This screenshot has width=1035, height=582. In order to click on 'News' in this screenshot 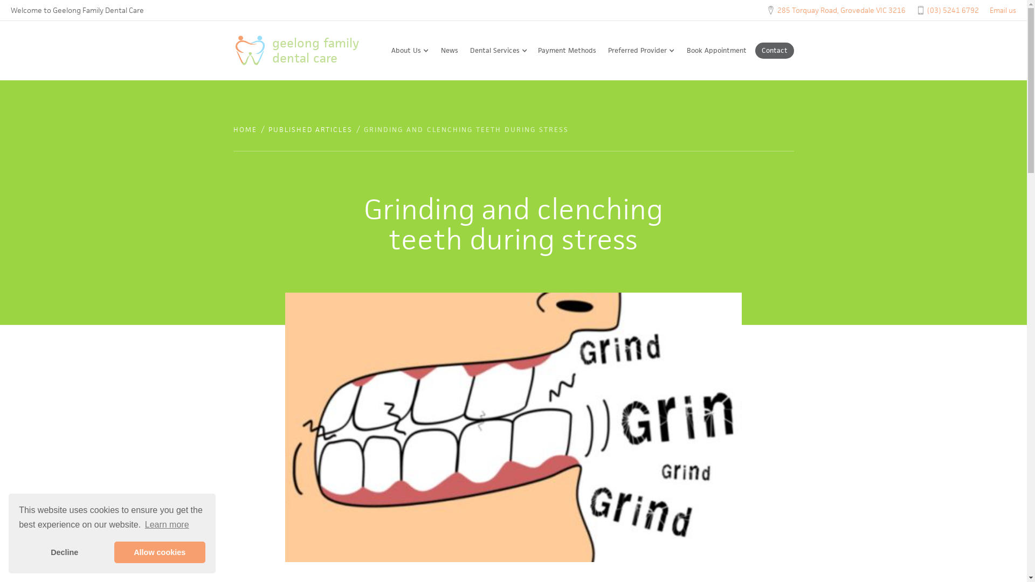, I will do `click(449, 50)`.